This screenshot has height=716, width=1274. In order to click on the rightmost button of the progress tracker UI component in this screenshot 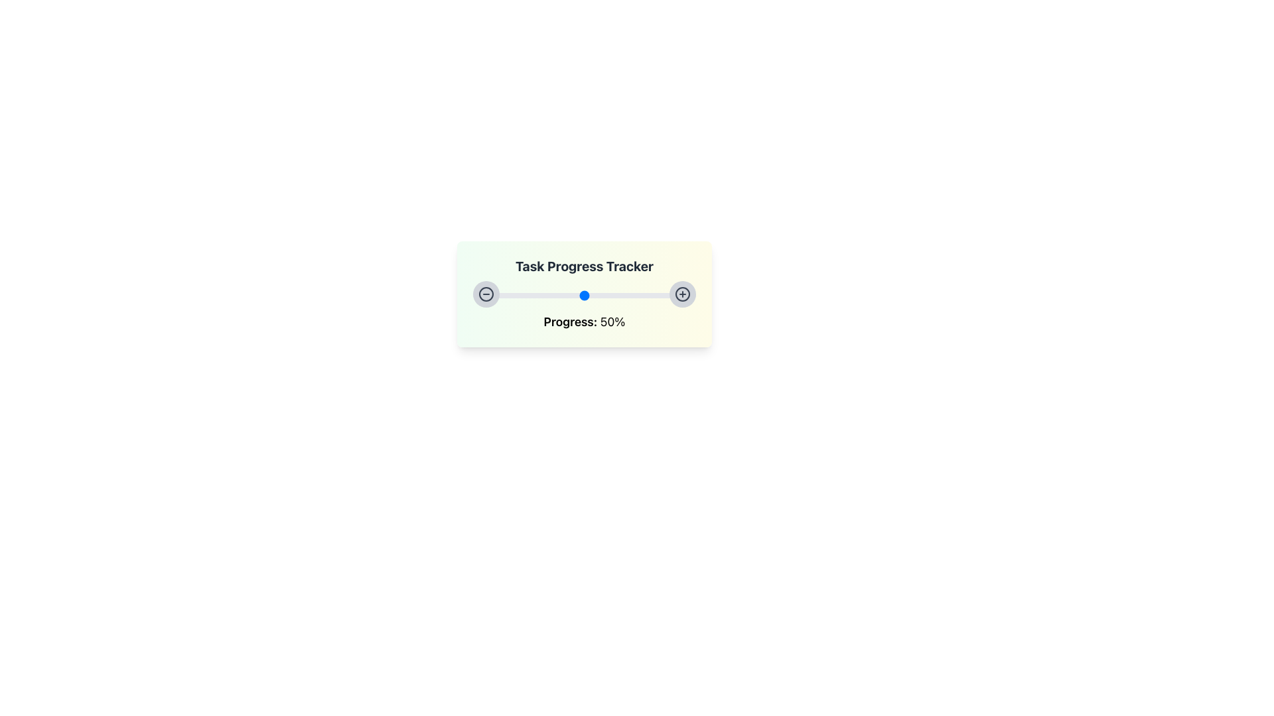, I will do `click(682, 293)`.